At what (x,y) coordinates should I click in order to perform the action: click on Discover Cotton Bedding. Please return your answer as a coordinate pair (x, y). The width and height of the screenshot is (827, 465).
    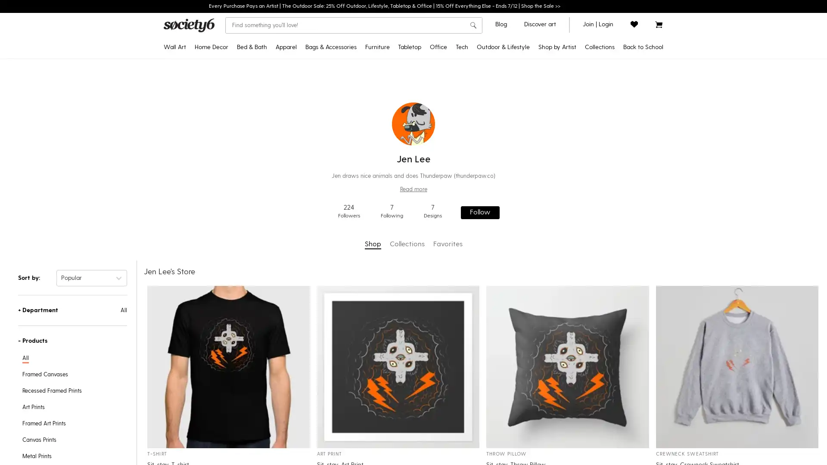
    Looking at the image, I should click on (568, 208).